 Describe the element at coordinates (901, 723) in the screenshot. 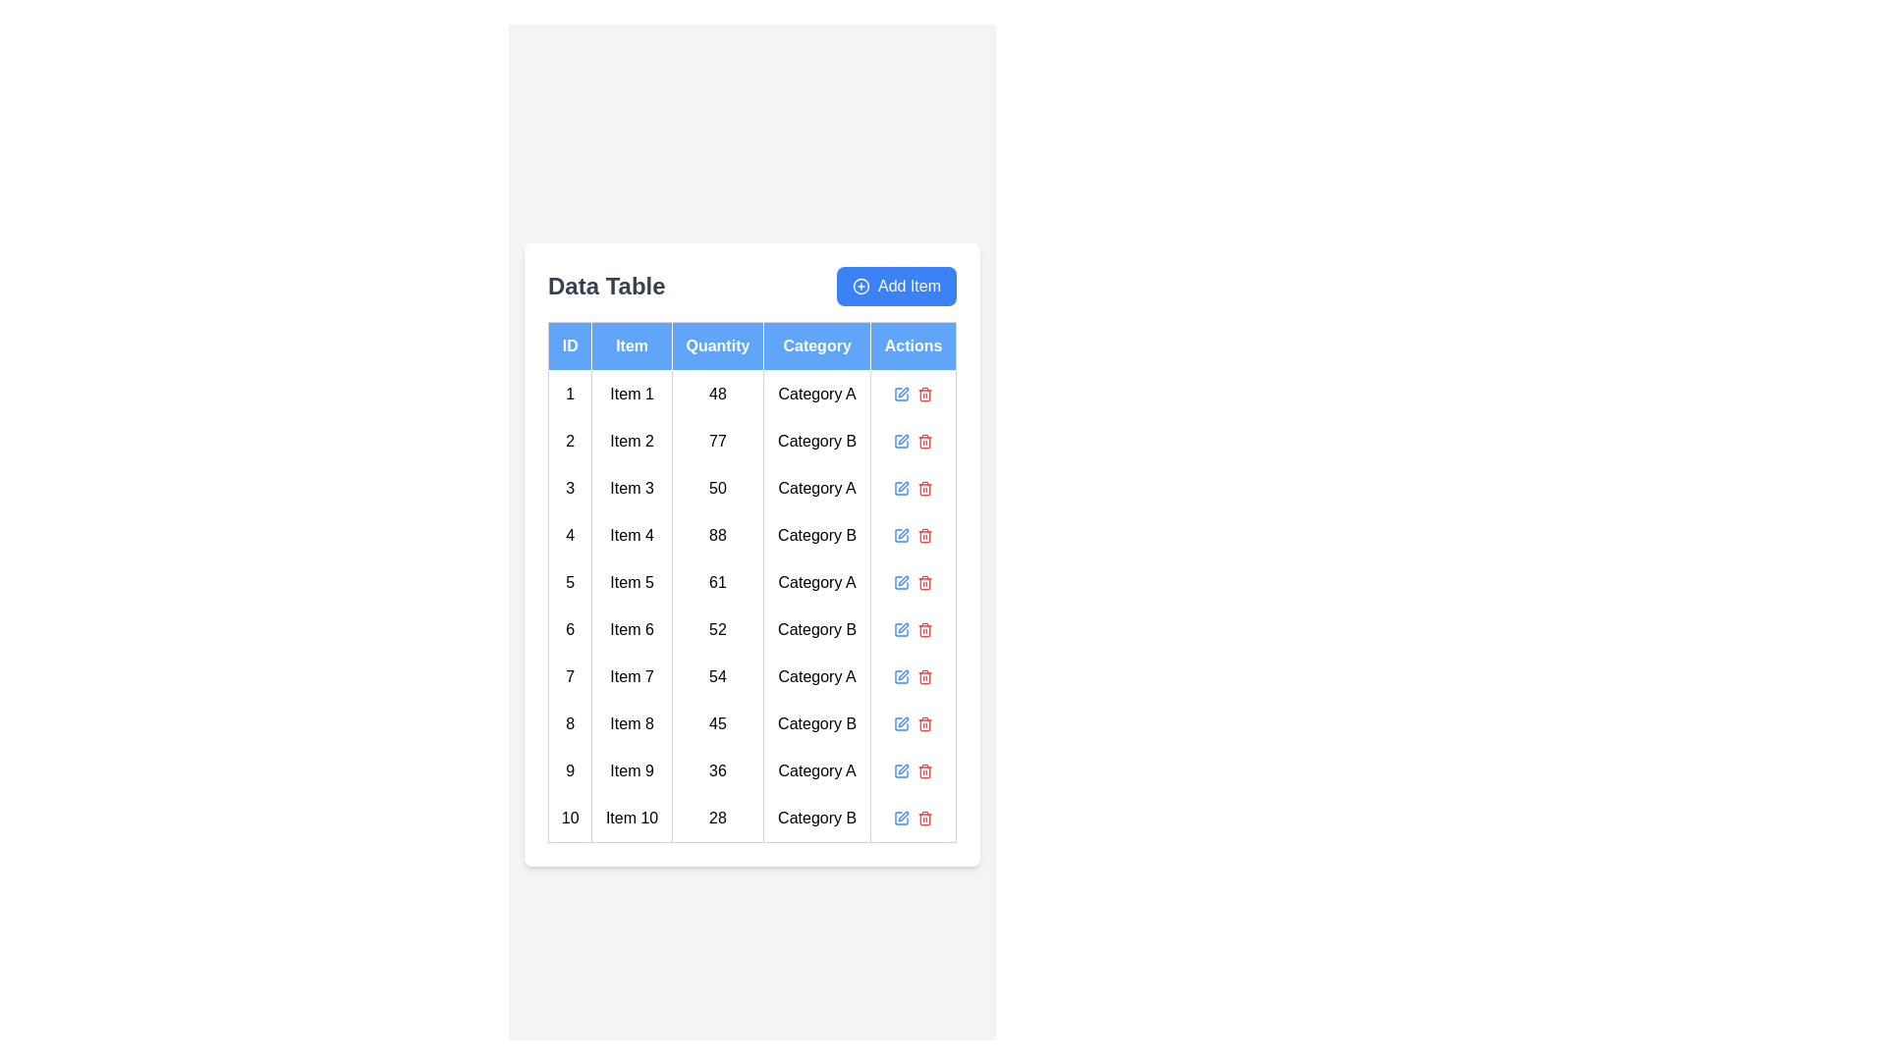

I see `the Icon button in the Actions column adjacent to row 8` at that location.